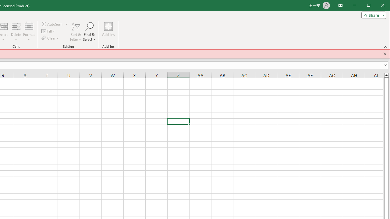 The image size is (390, 219). Describe the element at coordinates (16, 26) in the screenshot. I see `'Delete Cells...'` at that location.